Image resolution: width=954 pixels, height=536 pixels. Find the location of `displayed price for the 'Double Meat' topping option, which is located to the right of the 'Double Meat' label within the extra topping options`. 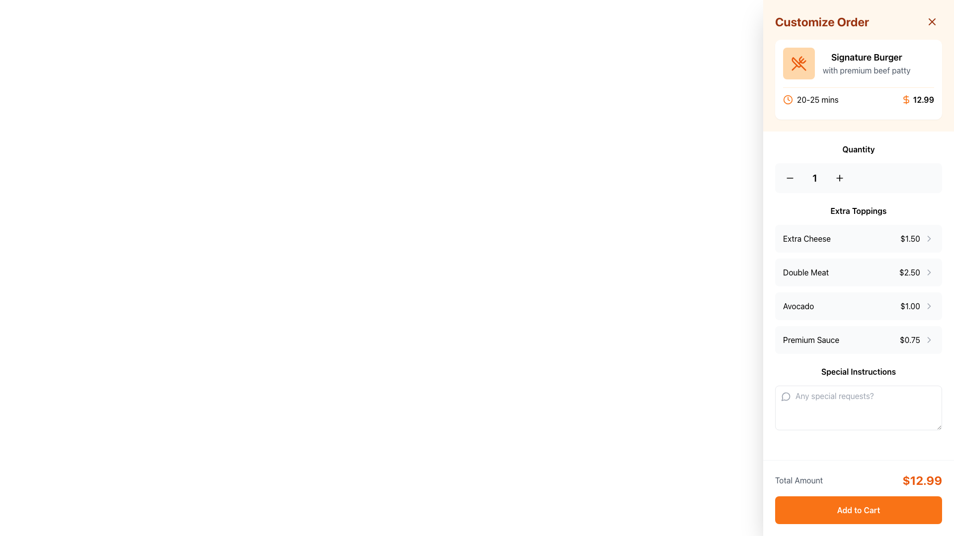

displayed price for the 'Double Meat' topping option, which is located to the right of the 'Double Meat' label within the extra topping options is located at coordinates (909, 272).